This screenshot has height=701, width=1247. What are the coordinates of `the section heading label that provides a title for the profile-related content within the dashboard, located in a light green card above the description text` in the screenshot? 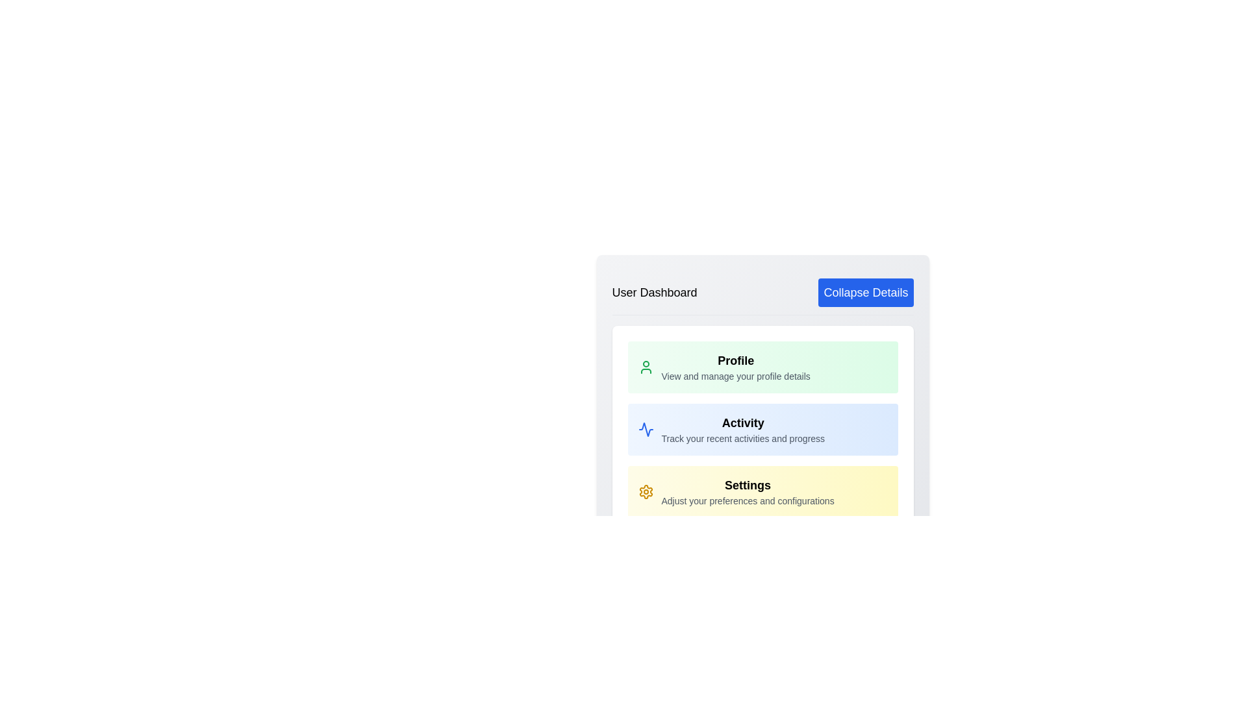 It's located at (736, 360).